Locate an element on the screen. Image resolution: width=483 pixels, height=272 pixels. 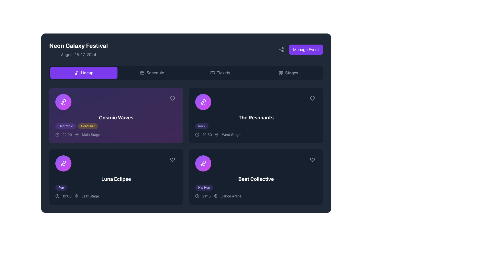
the management button located at the top-right corner of the interface is located at coordinates (306, 49).